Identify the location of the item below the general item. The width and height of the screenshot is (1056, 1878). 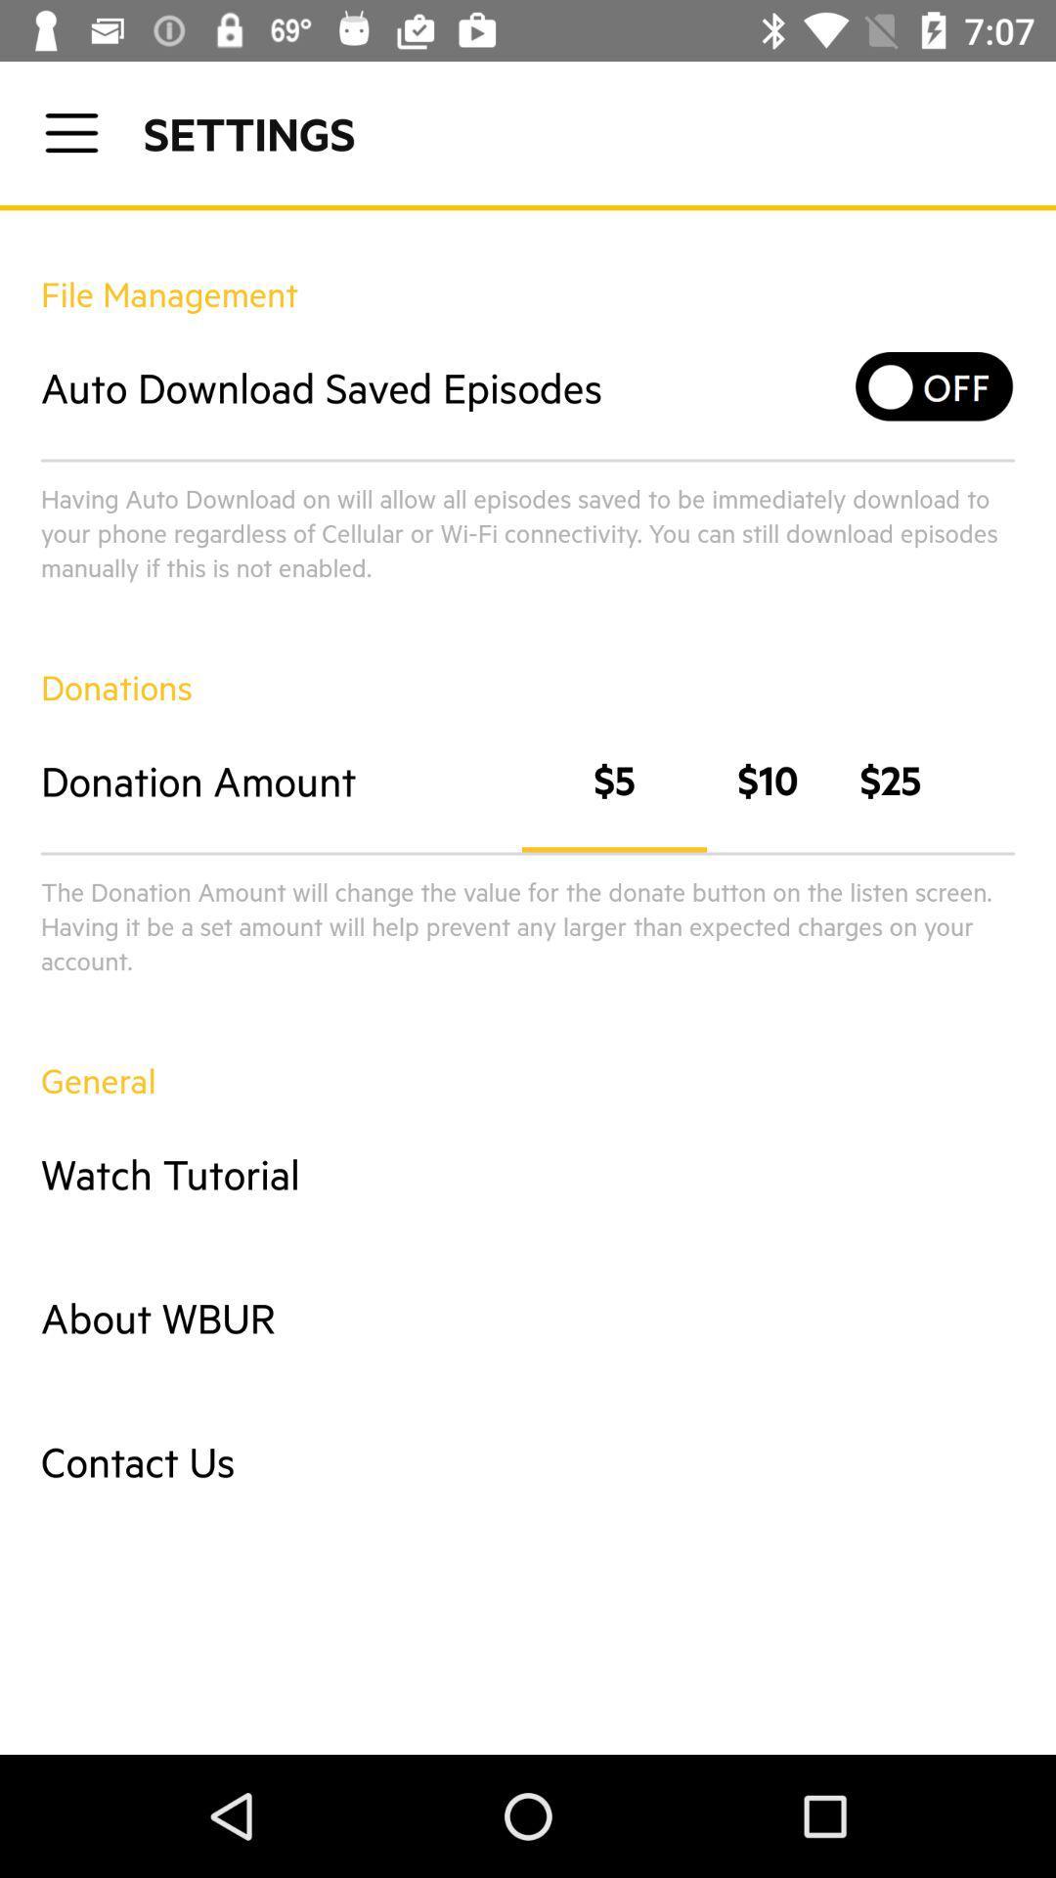
(528, 1174).